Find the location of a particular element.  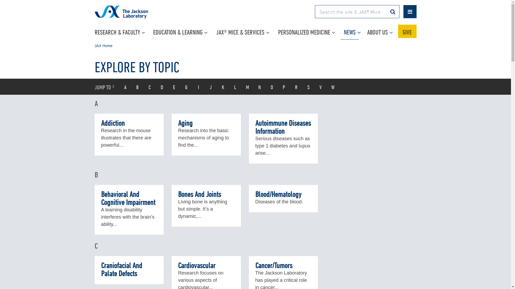

'E' is located at coordinates (167, 86).